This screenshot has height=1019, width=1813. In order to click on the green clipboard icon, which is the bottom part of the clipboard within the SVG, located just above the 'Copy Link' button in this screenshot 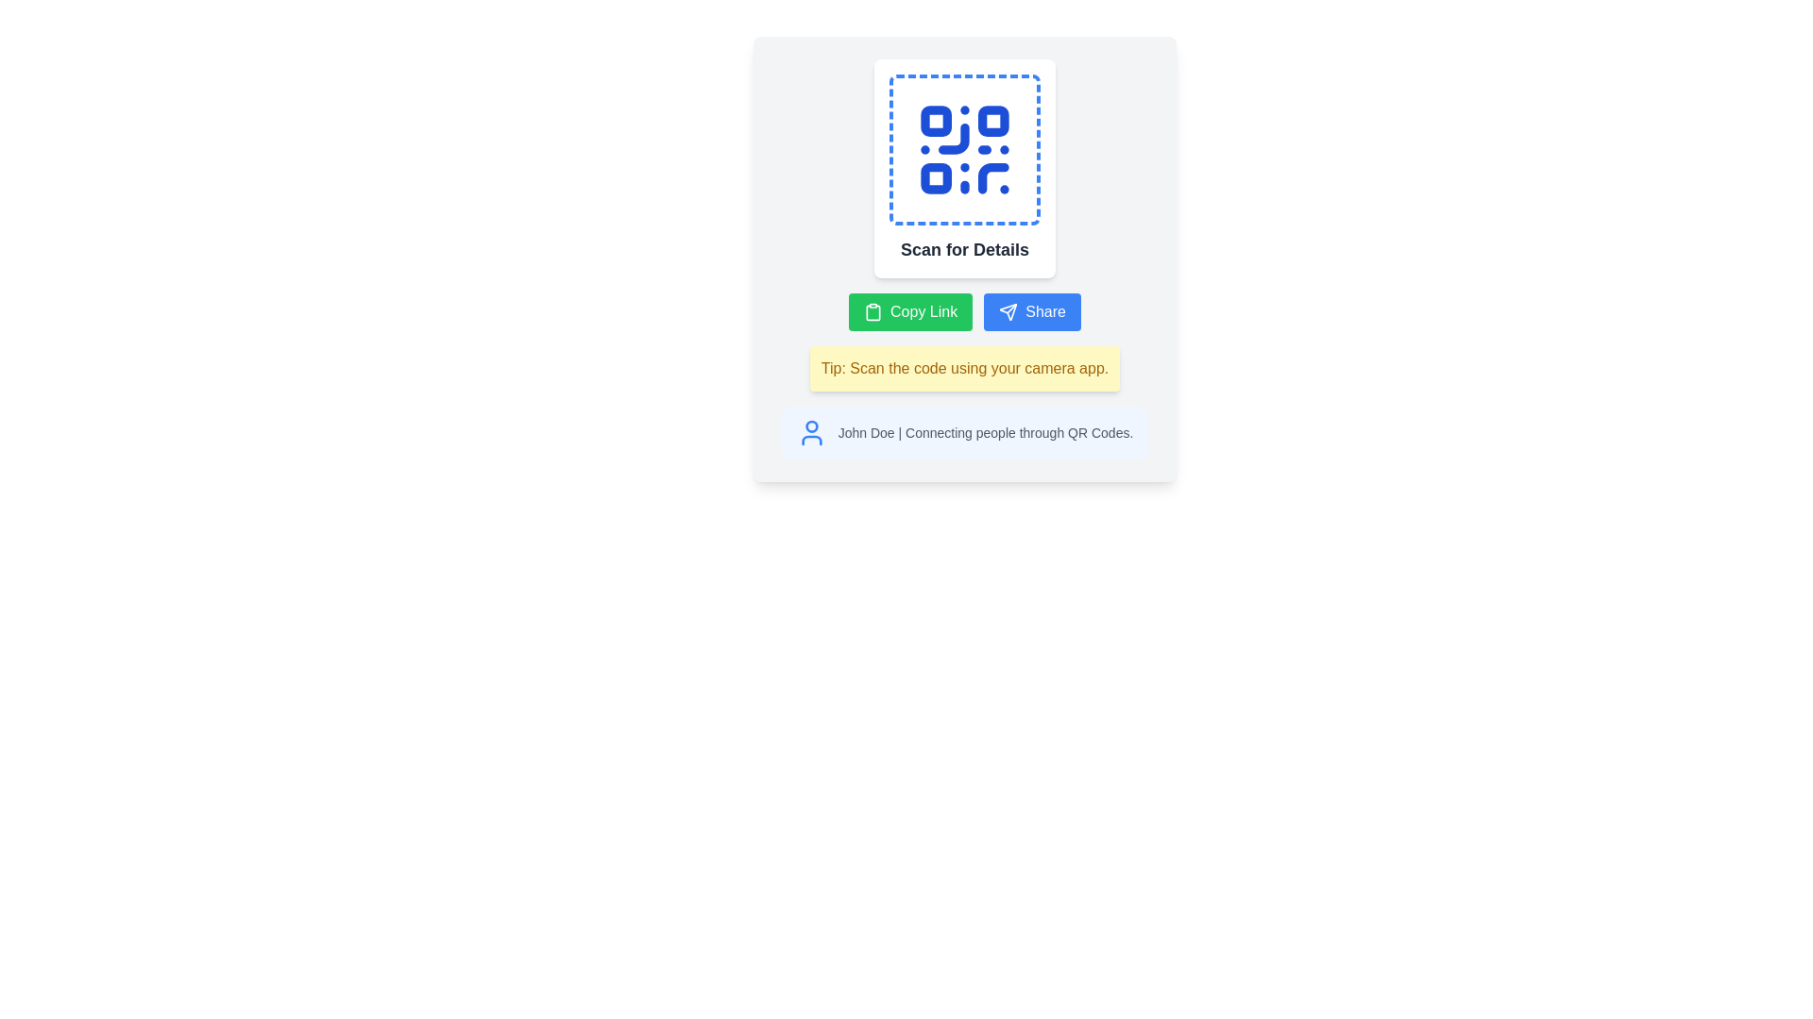, I will do `click(873, 311)`.